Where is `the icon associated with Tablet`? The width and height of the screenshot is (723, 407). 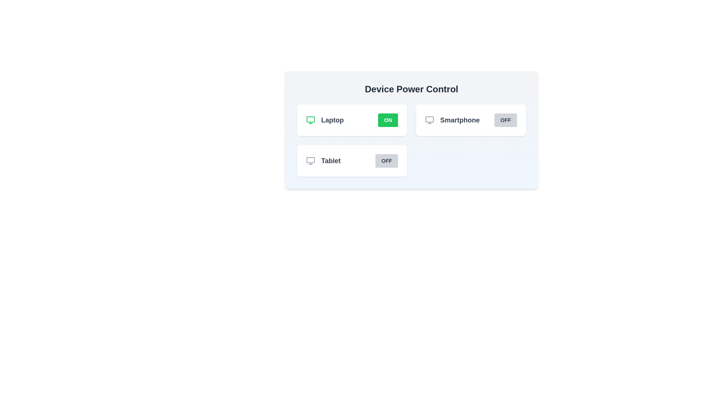 the icon associated with Tablet is located at coordinates (311, 161).